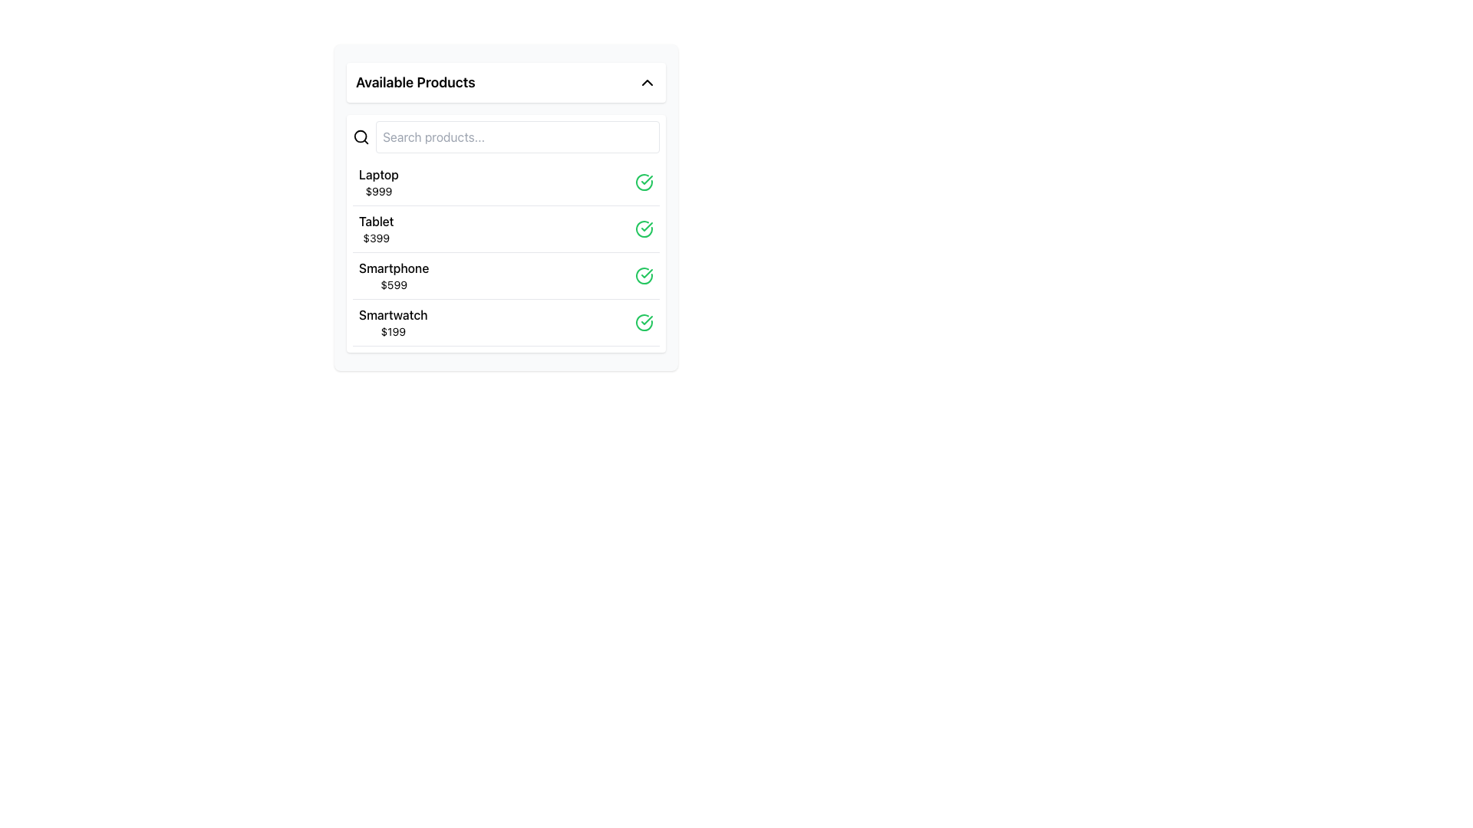 Image resolution: width=1473 pixels, height=828 pixels. Describe the element at coordinates (360, 136) in the screenshot. I see `the search icon decoration represented by a magnifying glass, located to the left of the input field labeled 'Search products...' and above the product list` at that location.